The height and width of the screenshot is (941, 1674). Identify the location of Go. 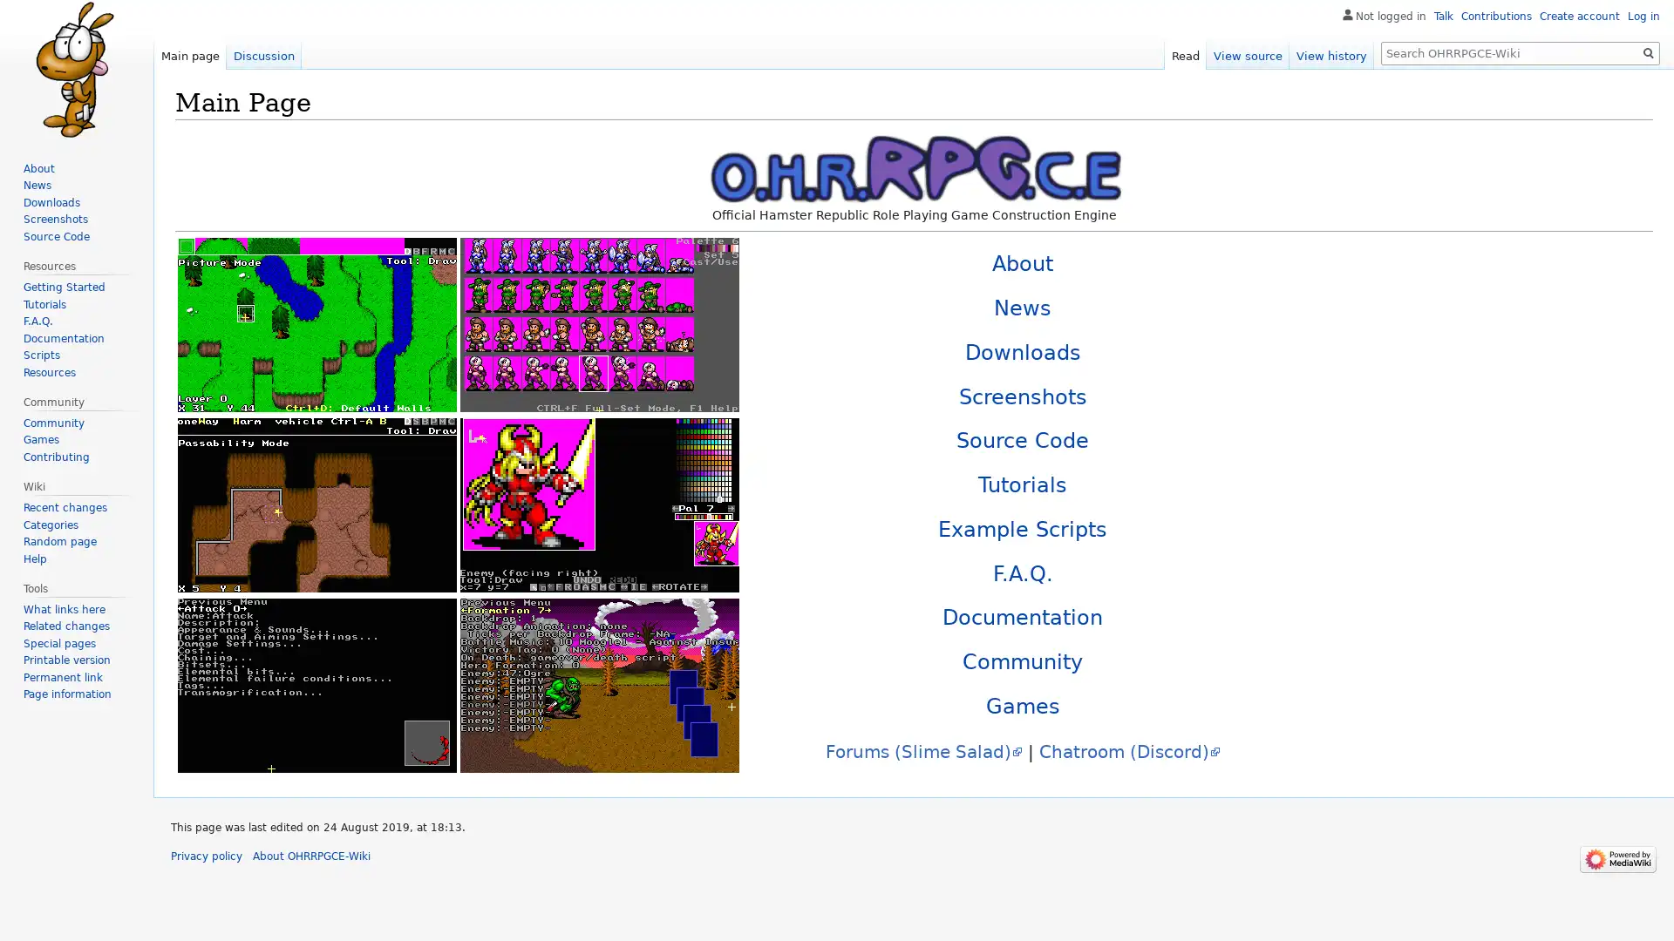
(1648, 52).